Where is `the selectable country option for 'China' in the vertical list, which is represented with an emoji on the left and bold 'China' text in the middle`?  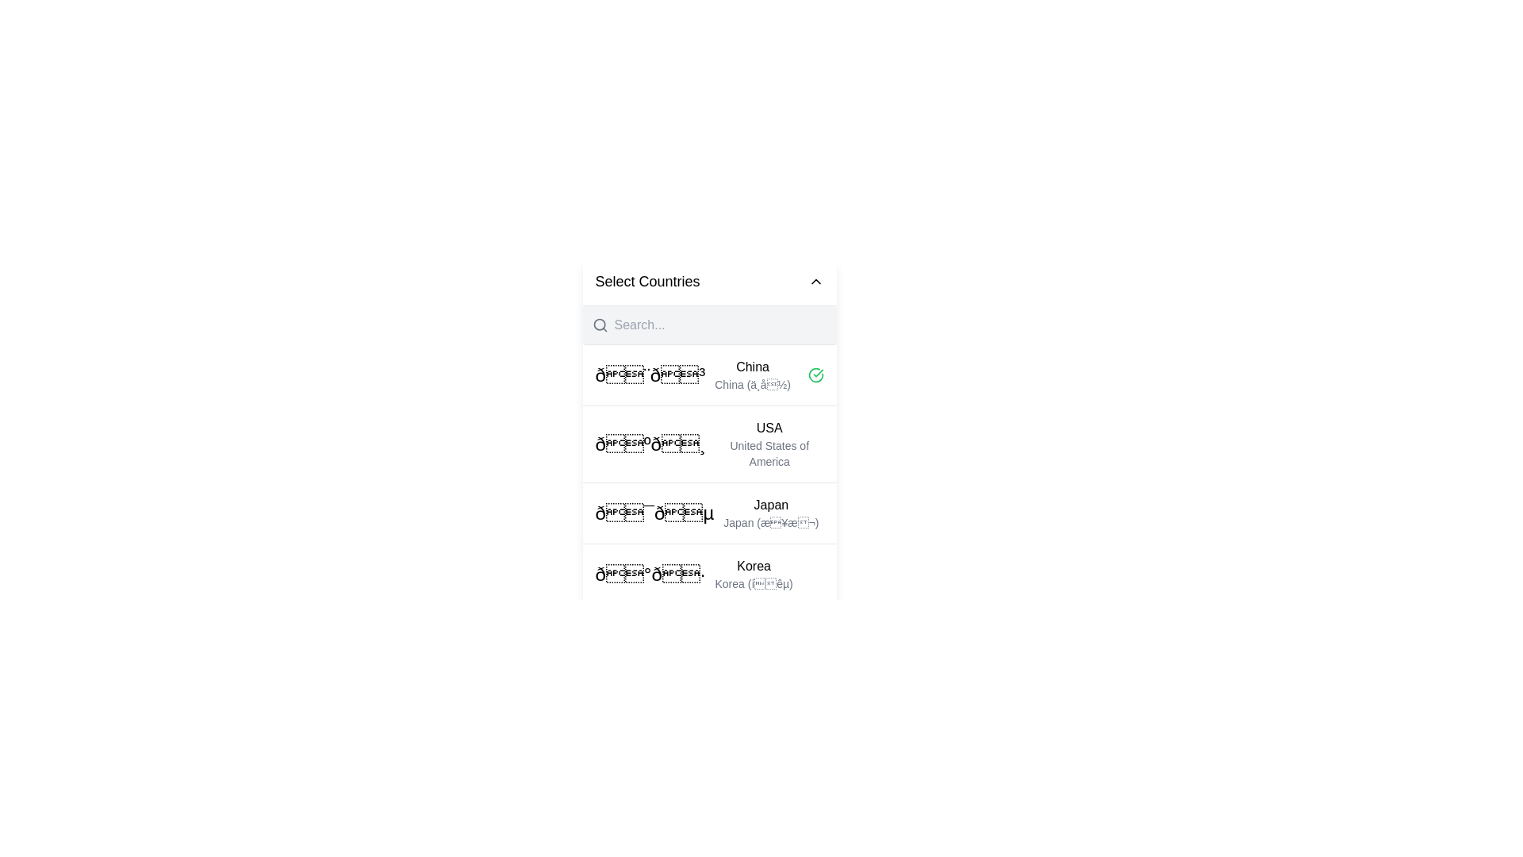 the selectable country option for 'China' in the vertical list, which is represented with an emoji on the left and bold 'China' text in the middle is located at coordinates (692, 375).